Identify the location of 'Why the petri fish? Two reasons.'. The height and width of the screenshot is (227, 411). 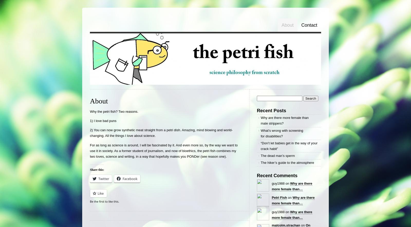
(114, 111).